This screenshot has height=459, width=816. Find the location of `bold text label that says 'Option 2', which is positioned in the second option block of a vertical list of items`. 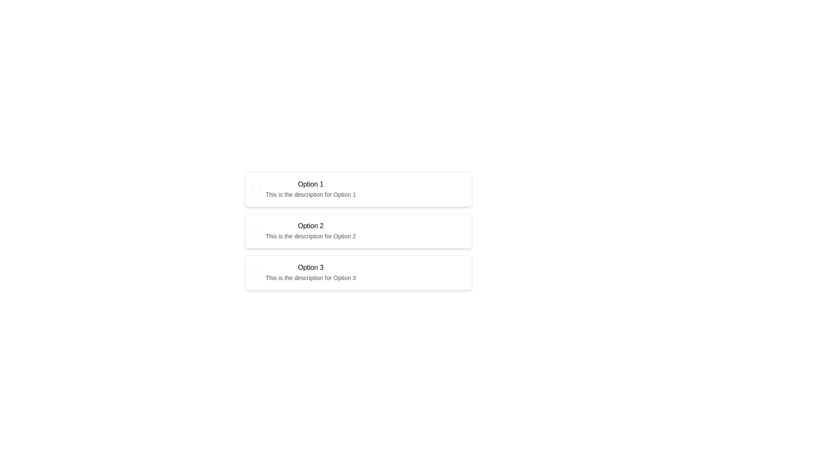

bold text label that says 'Option 2', which is positioned in the second option block of a vertical list of items is located at coordinates (310, 226).